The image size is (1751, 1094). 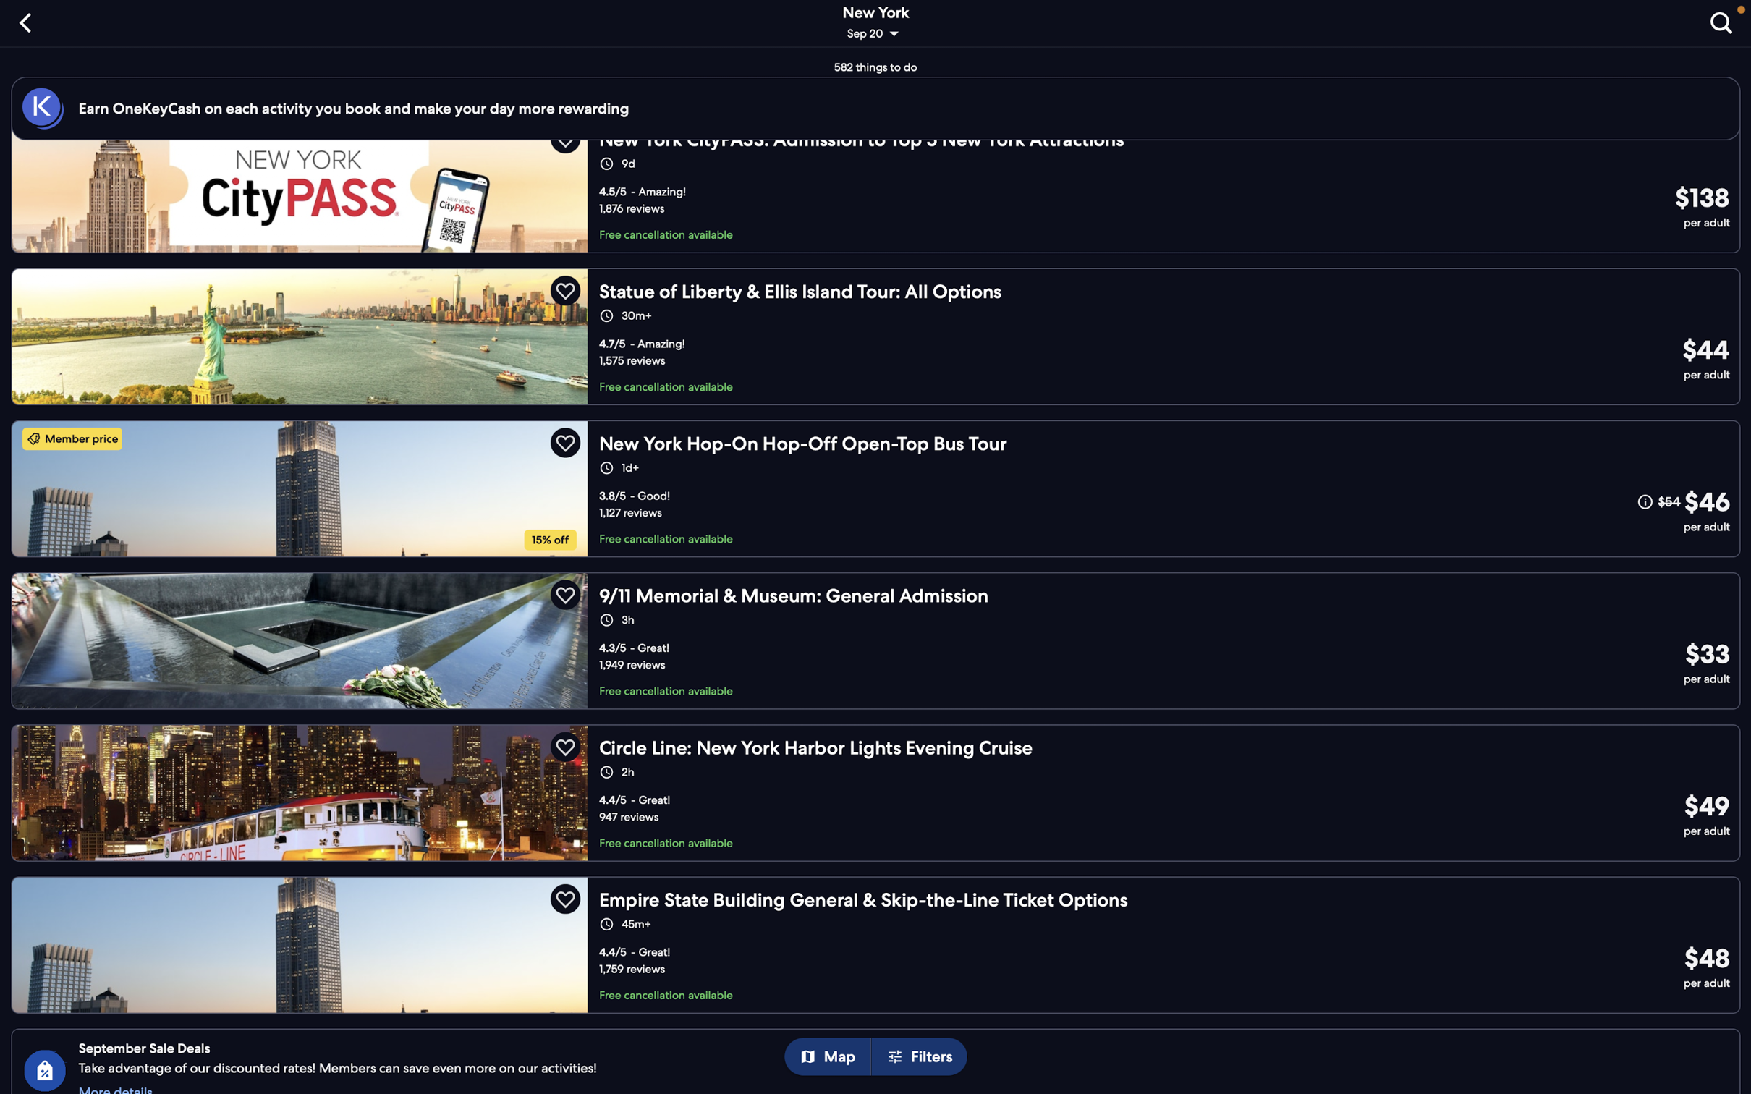 I want to click on Pick "memorial tour" item for the itinerary inclusion, so click(x=875, y=640).